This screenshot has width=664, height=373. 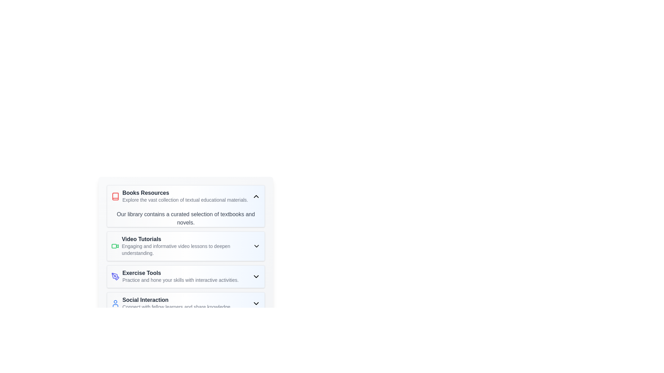 What do you see at coordinates (185, 197) in the screenshot?
I see `details of the composite UI component titled 'Books Resources', which includes a bold title and a descriptive text about educational materials` at bounding box center [185, 197].